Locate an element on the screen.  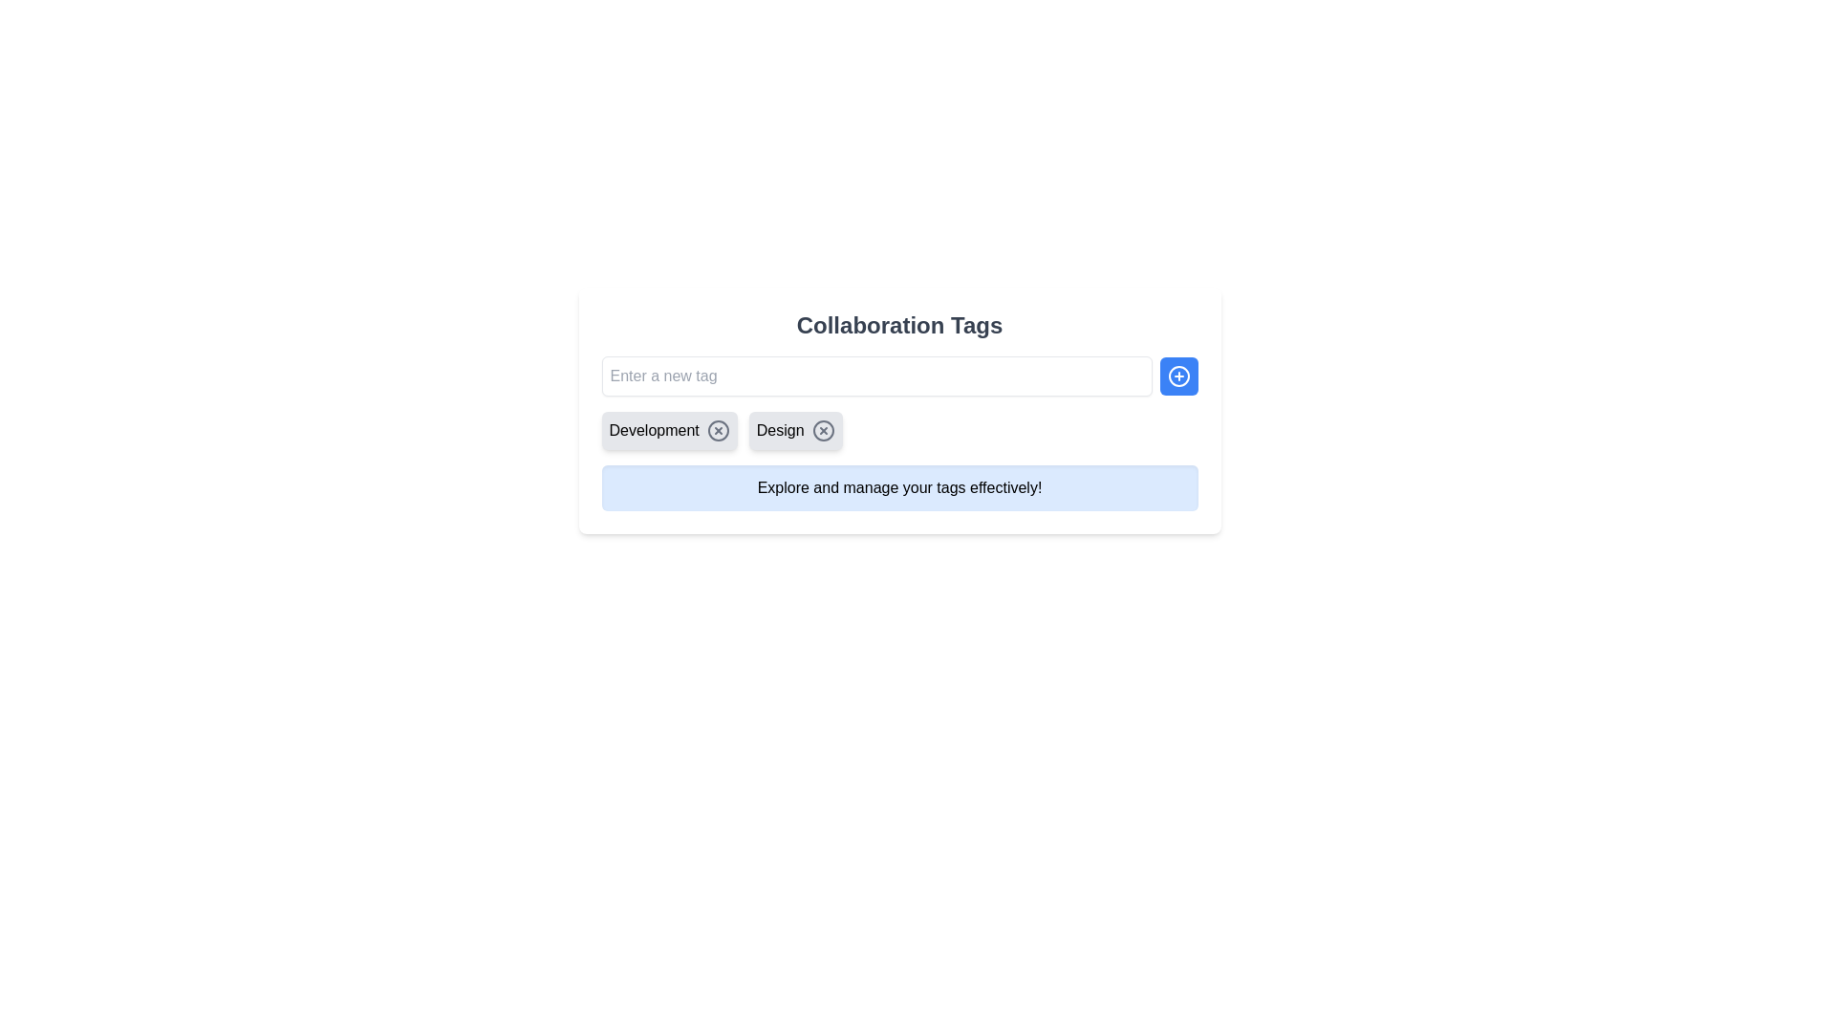
the close button icon for the 'Development' tag to change its color is located at coordinates (717, 431).